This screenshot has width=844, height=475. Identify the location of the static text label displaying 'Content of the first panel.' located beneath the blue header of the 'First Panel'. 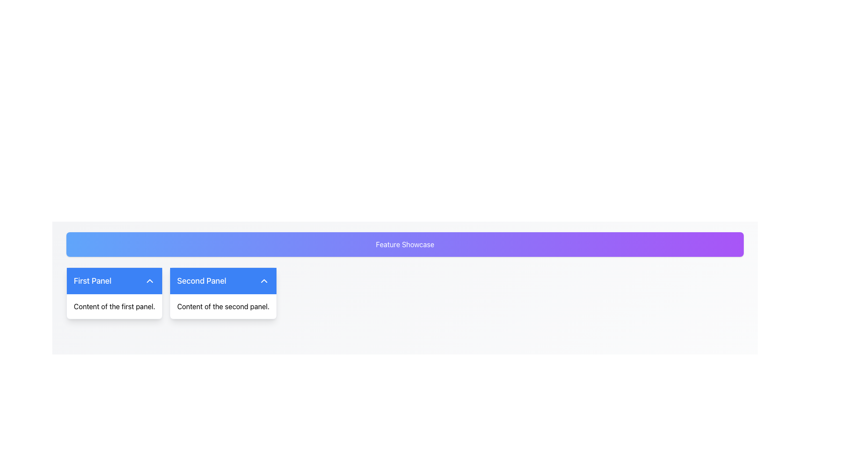
(114, 306).